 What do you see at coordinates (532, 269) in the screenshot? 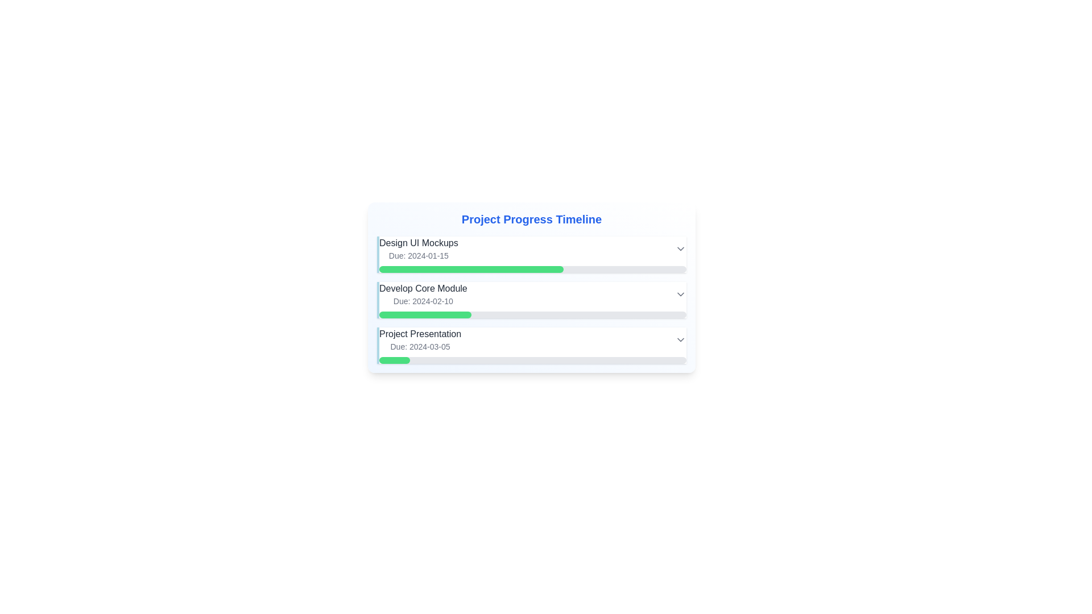
I see `the Progress Bar representing the task 'Design UI Mockups' located below the due date text` at bounding box center [532, 269].